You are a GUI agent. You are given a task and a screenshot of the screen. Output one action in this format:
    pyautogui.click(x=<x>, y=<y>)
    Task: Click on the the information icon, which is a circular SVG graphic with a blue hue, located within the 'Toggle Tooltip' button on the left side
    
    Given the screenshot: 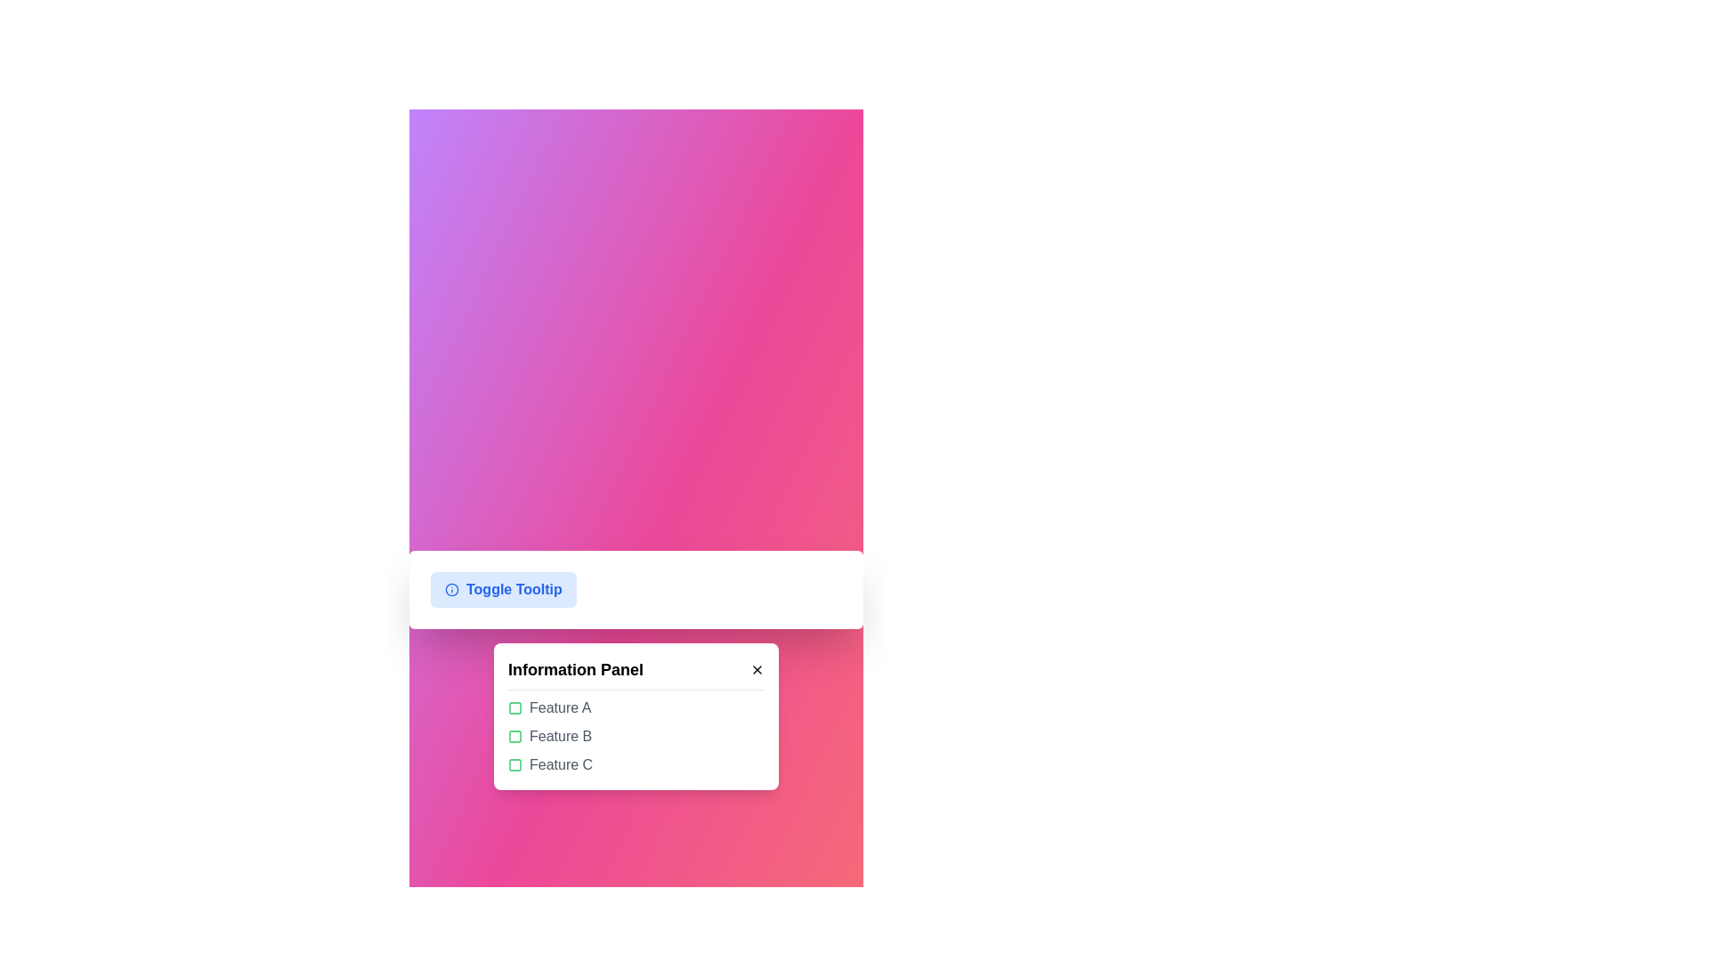 What is the action you would take?
    pyautogui.click(x=452, y=590)
    